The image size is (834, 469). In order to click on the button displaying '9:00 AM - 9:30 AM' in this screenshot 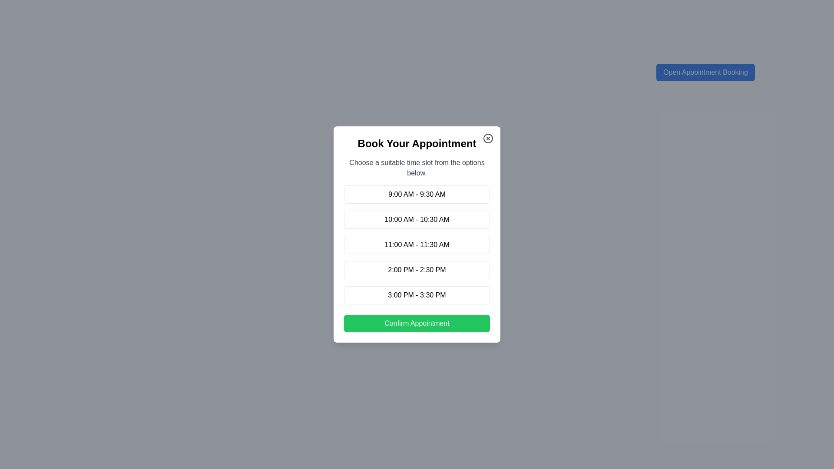, I will do `click(417, 194)`.